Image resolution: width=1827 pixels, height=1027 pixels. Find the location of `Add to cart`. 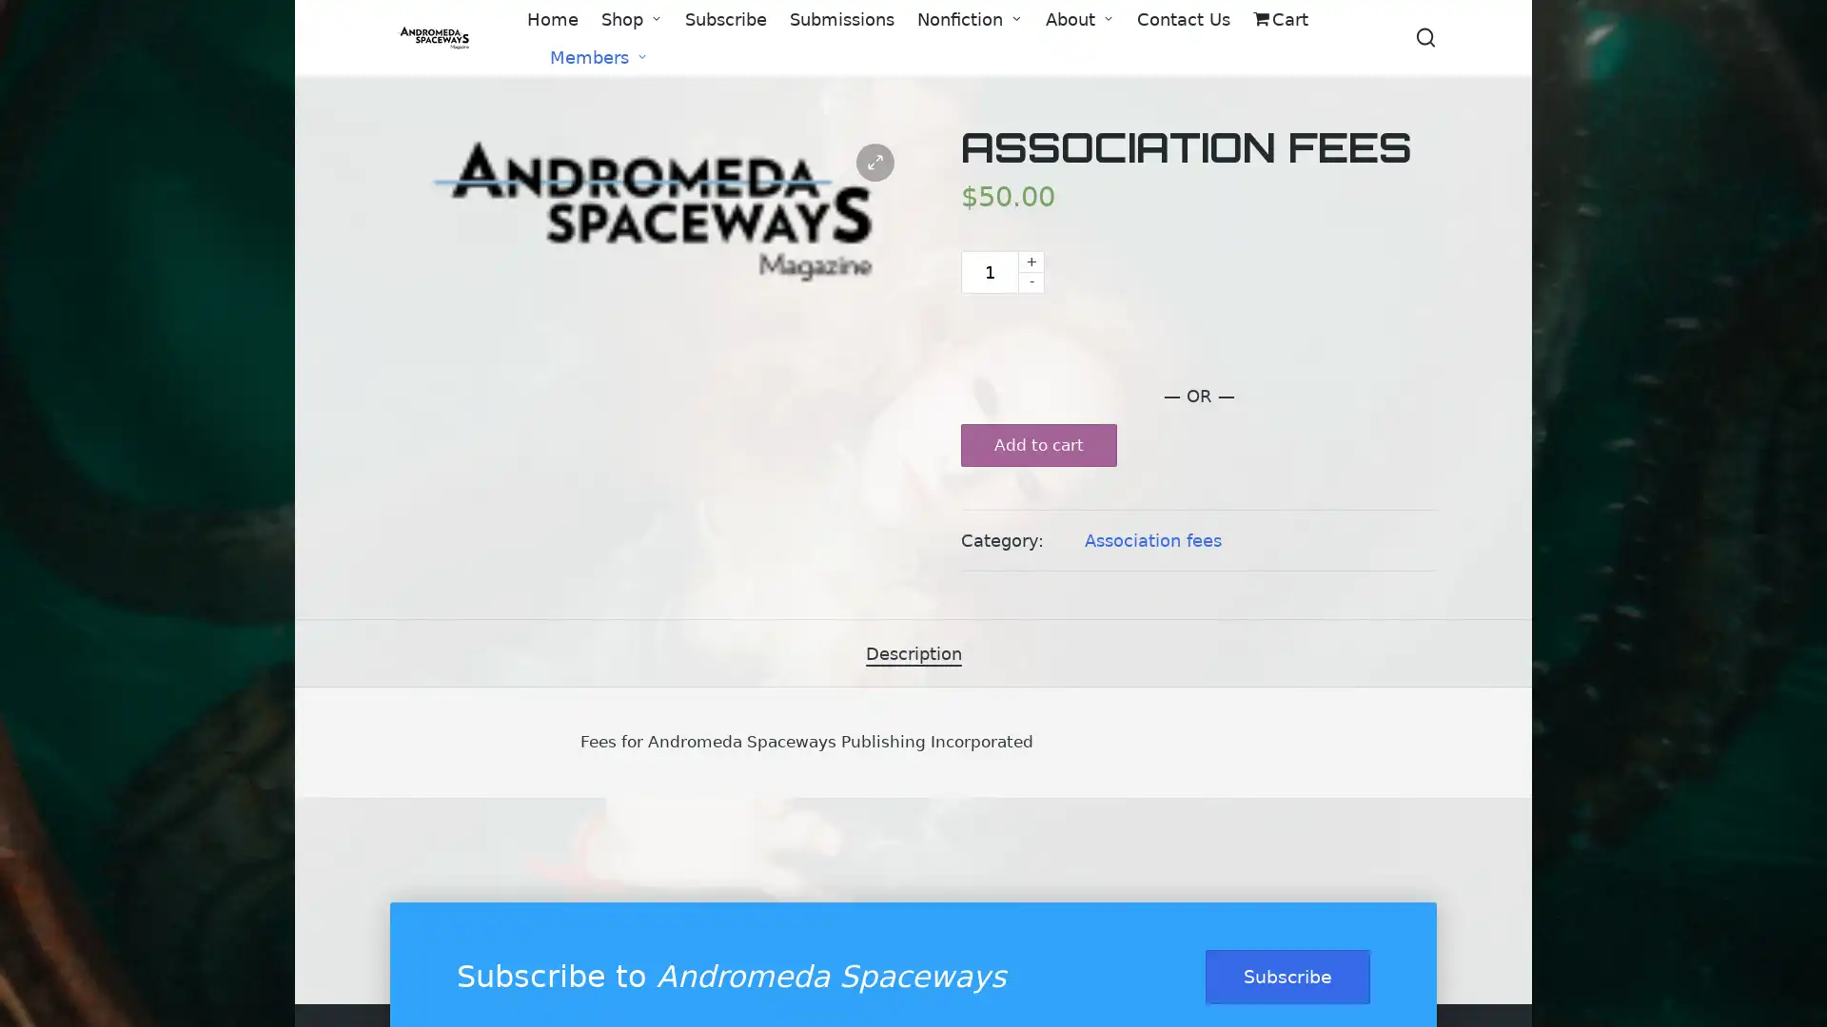

Add to cart is located at coordinates (1037, 445).